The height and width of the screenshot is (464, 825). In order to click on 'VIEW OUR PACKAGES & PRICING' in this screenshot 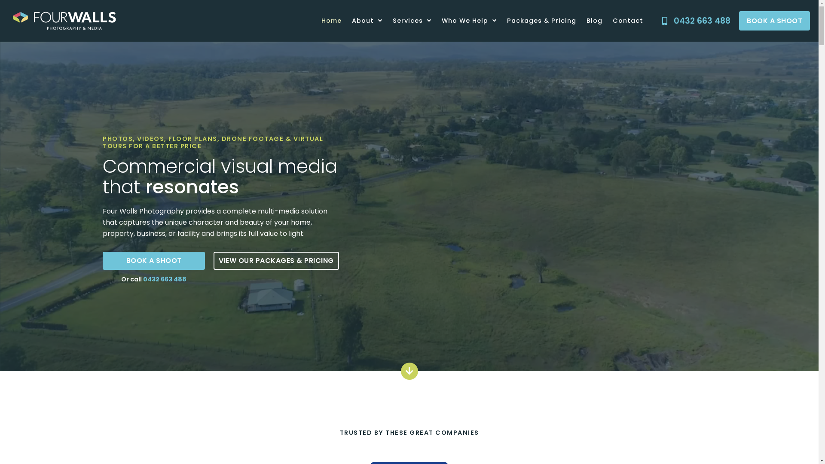, I will do `click(276, 260)`.